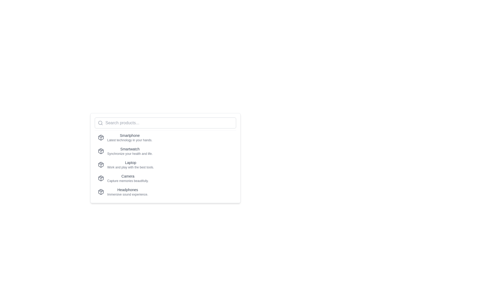 The height and width of the screenshot is (282, 501). Describe the element at coordinates (101, 192) in the screenshot. I see `the 'Headphones' icon, which visually represents the 'Headphones' list item and is positioned to the left of the text 'Headphones' and 'Immersive sound experience.'` at that location.